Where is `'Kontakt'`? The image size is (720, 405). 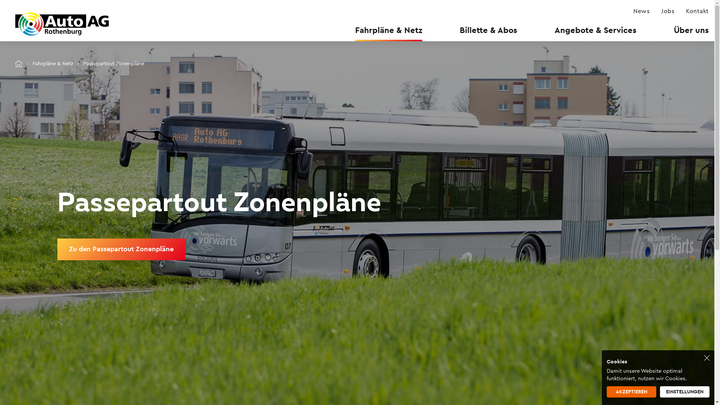
'Kontakt' is located at coordinates (685, 11).